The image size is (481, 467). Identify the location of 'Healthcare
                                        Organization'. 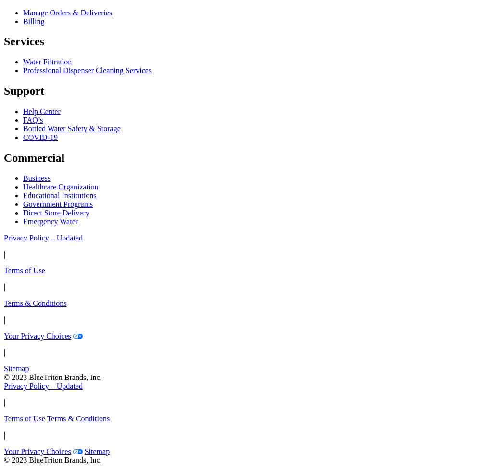
(61, 186).